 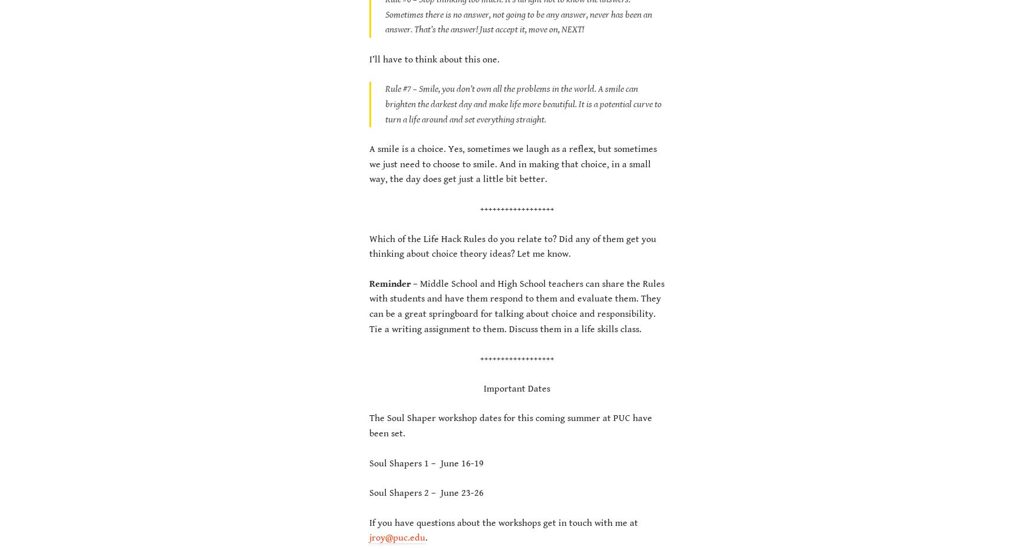 What do you see at coordinates (369, 164) in the screenshot?
I see `'A smile is a choice. Yes, sometimes we laugh as a reflex, but sometimes we just need to choose to smile. And in making that choice, in a small way, the day does get just a little bit better.'` at bounding box center [369, 164].